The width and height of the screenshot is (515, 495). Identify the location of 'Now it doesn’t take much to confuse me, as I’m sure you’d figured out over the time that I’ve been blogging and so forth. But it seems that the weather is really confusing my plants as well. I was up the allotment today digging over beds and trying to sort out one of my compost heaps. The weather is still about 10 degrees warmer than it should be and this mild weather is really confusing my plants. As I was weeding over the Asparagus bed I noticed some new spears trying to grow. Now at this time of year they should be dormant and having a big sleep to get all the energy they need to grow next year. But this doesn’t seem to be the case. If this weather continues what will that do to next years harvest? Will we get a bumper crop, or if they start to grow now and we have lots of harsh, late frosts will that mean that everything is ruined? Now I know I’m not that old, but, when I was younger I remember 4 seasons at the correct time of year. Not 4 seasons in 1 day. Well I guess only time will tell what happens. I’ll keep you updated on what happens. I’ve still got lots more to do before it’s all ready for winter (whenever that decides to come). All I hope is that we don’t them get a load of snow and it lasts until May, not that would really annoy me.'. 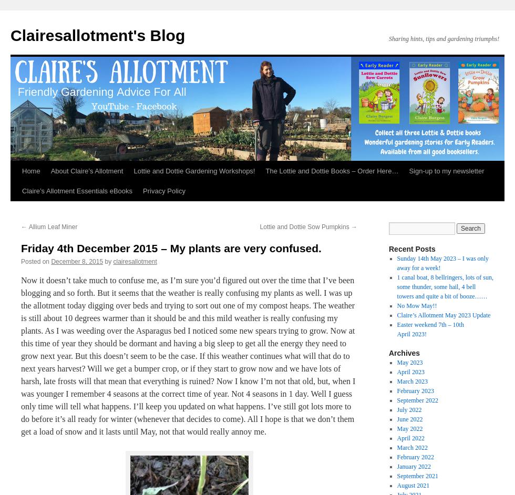
(188, 356).